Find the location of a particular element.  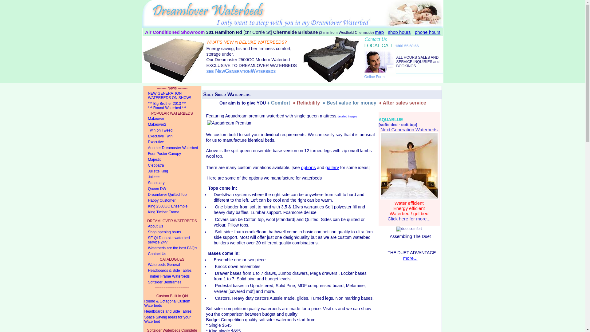

'Waterbeds are the best FAQ's' is located at coordinates (172, 248).